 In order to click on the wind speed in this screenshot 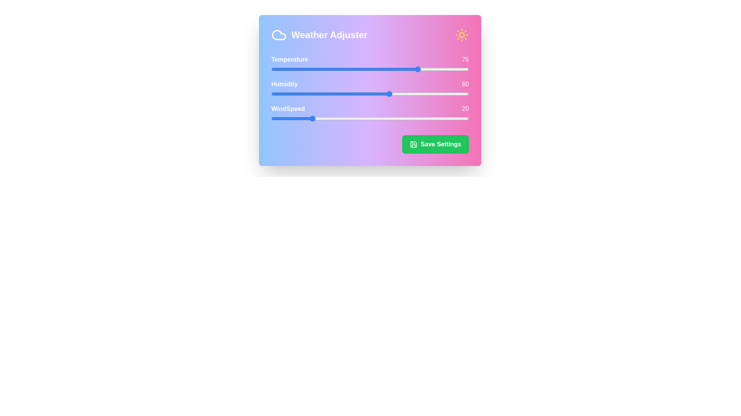, I will do `click(291, 119)`.